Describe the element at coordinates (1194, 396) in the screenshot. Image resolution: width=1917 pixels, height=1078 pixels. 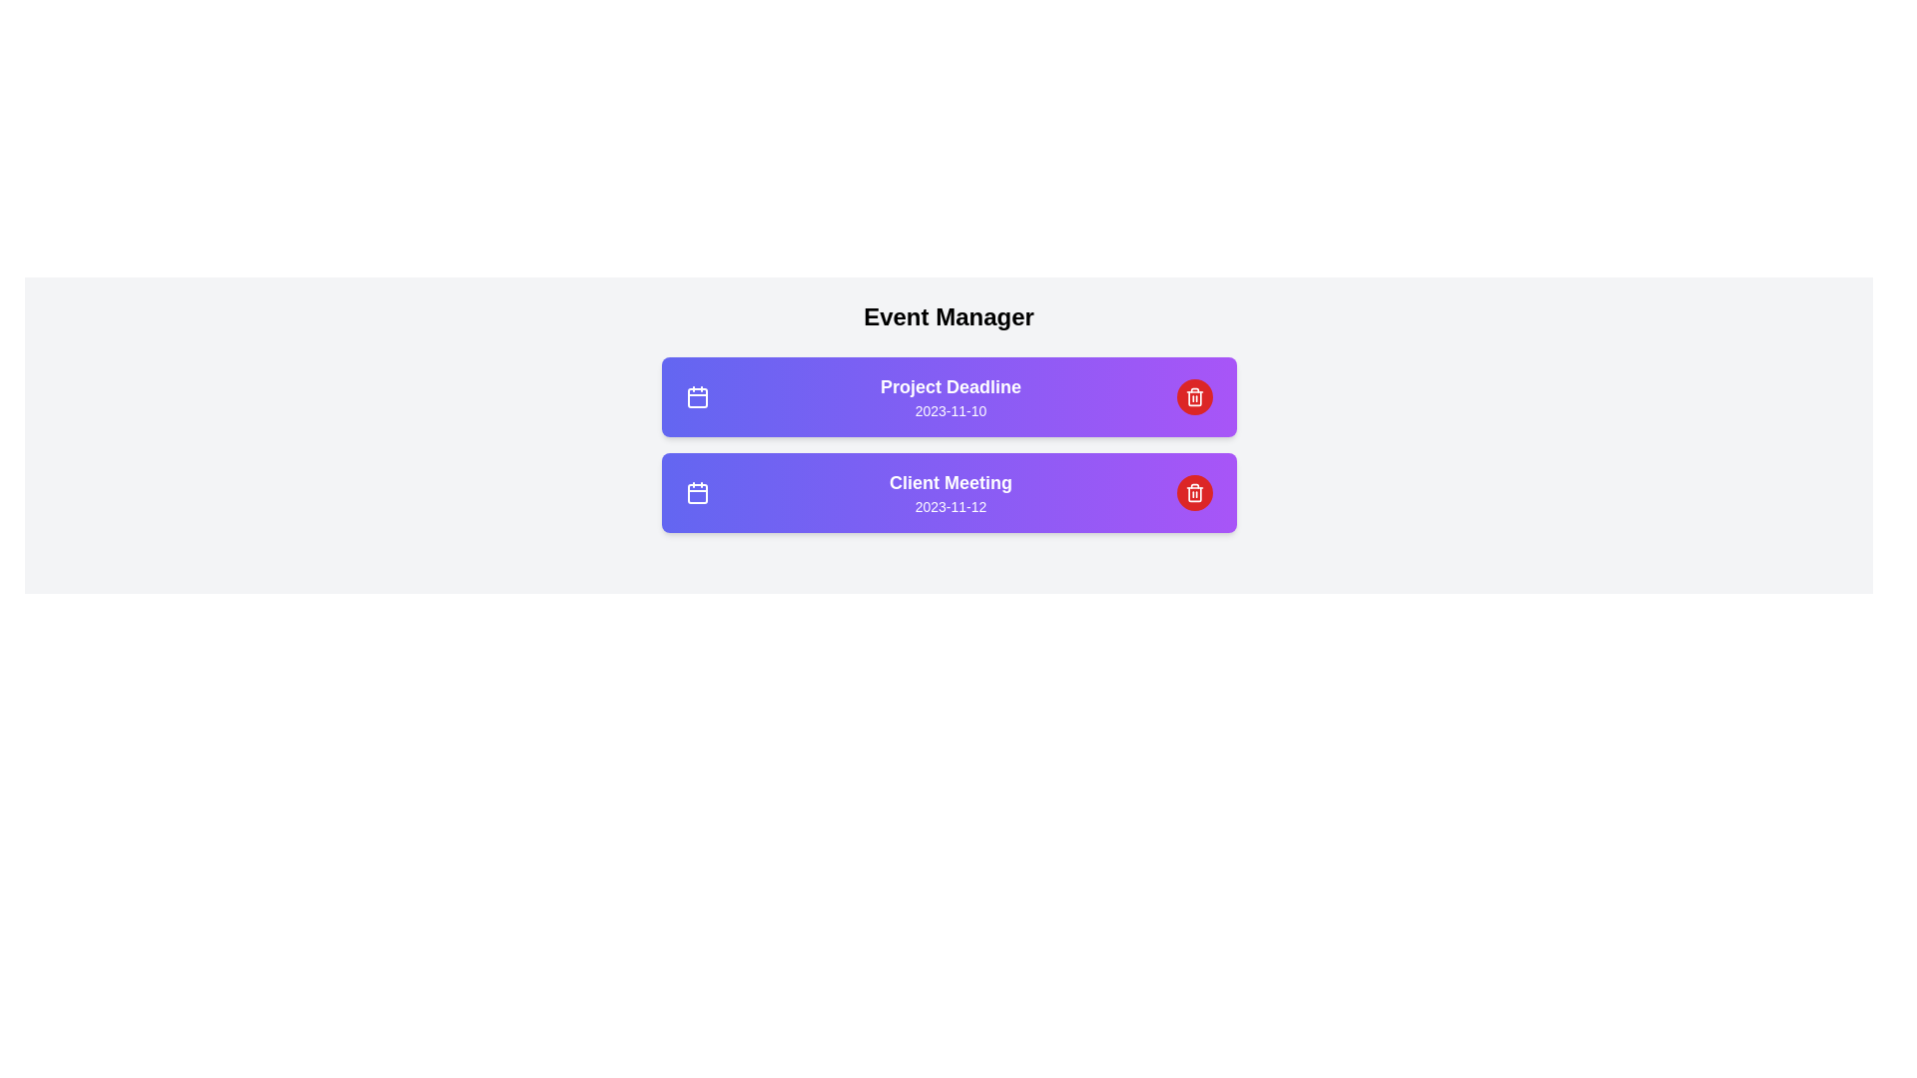
I see `delete button for the event titled Project Deadline` at that location.